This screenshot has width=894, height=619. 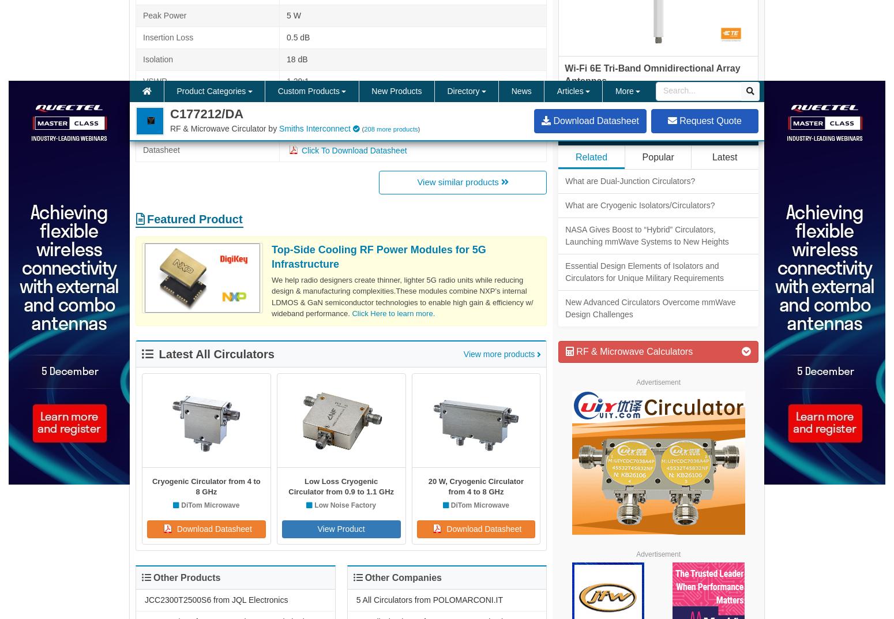 What do you see at coordinates (352, 105) in the screenshot?
I see `'Microstrip Circulators'` at bounding box center [352, 105].